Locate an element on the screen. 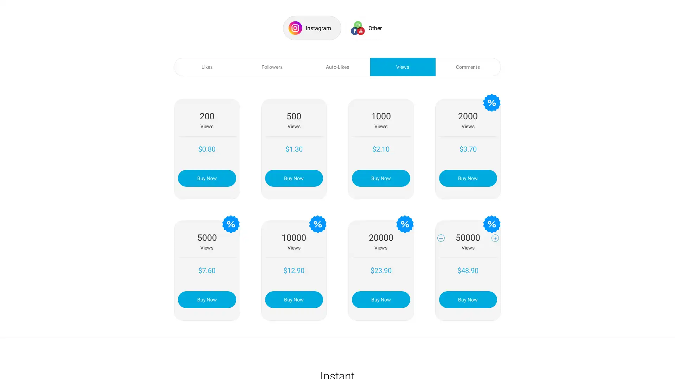 Image resolution: width=675 pixels, height=379 pixels. Buy Now is located at coordinates (294, 299).